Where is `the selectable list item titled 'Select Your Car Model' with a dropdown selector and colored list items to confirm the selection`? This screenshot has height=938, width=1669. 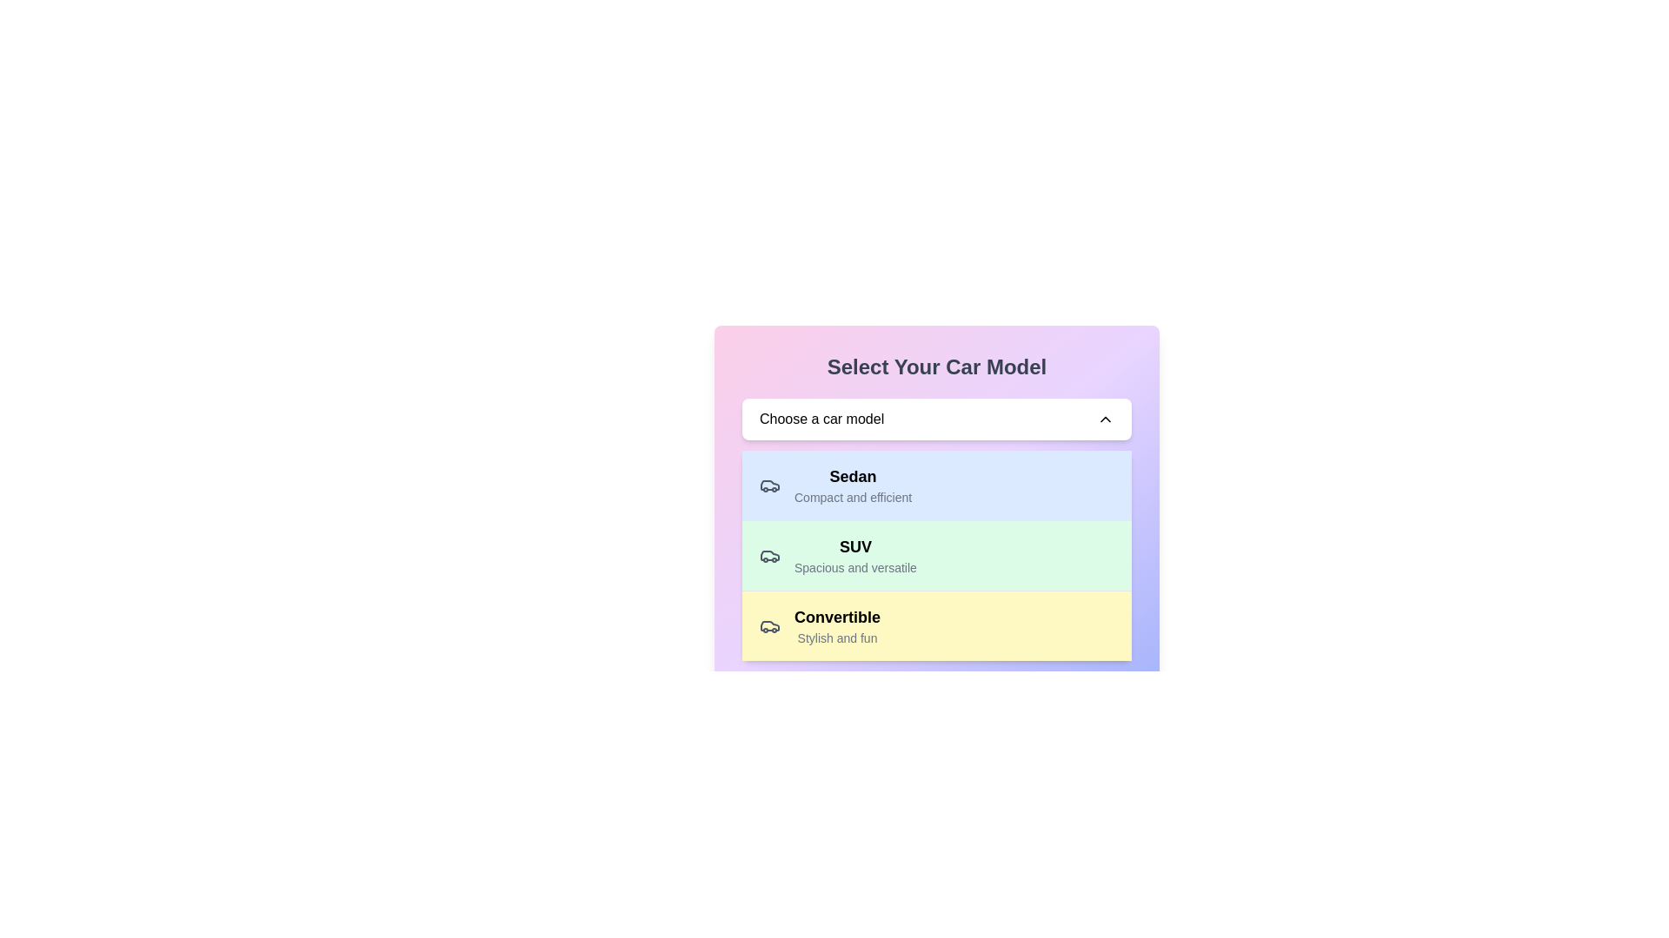
the selectable list item titled 'Select Your Car Model' with a dropdown selector and colored list items to confirm the selection is located at coordinates (936, 488).